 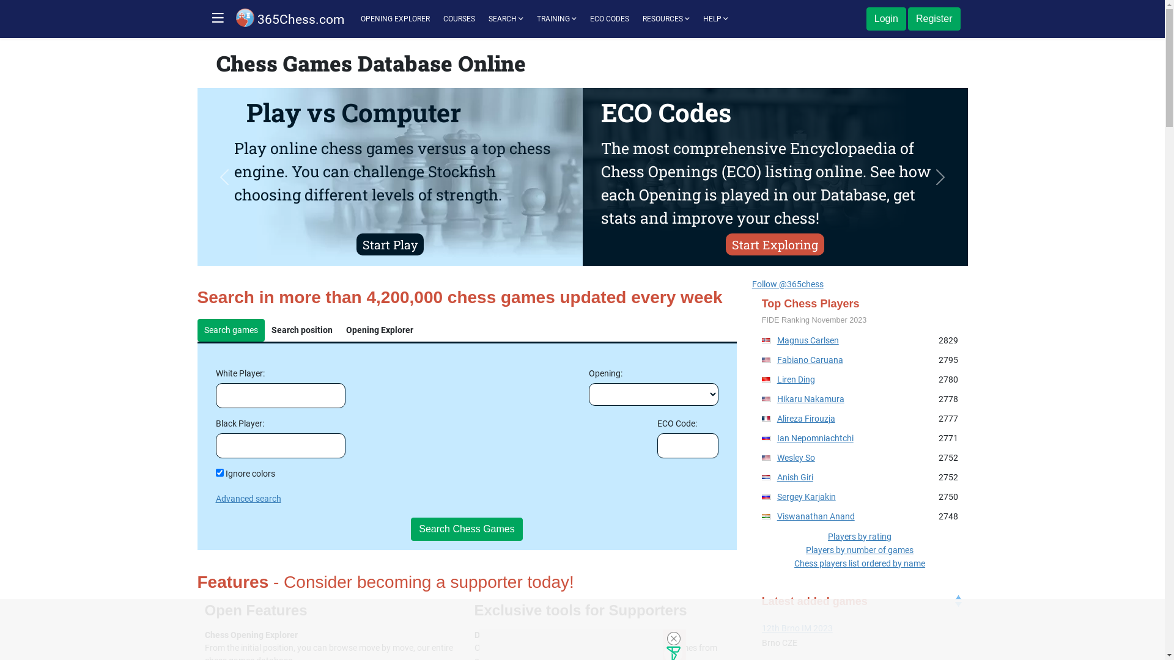 I want to click on 'Start Training', so click(x=774, y=244).